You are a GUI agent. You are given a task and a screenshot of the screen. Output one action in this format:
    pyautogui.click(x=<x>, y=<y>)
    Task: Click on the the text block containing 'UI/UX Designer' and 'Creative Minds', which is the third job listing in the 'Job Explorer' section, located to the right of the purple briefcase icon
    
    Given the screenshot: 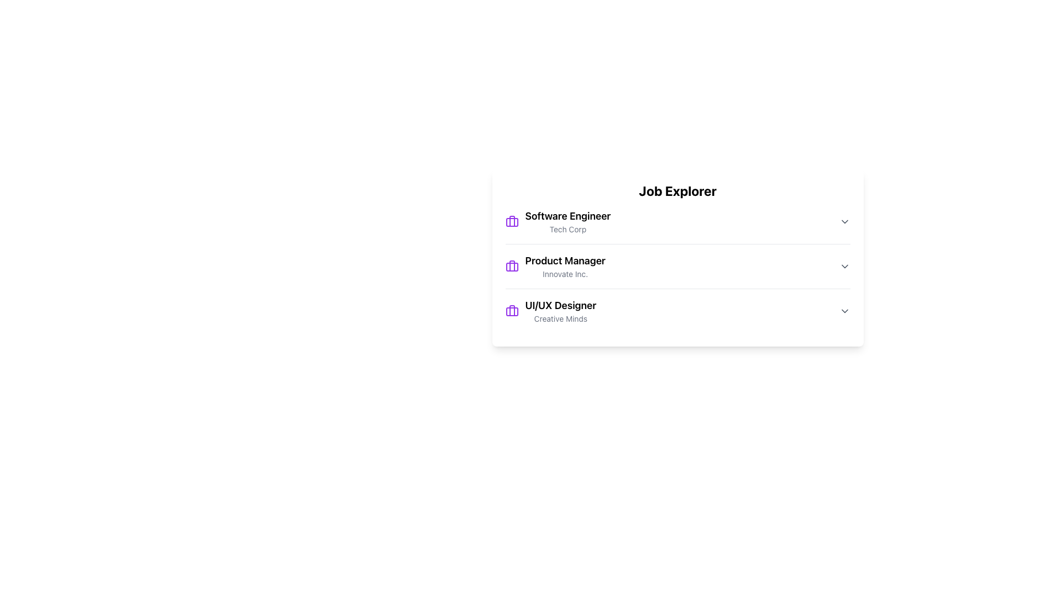 What is the action you would take?
    pyautogui.click(x=560, y=311)
    